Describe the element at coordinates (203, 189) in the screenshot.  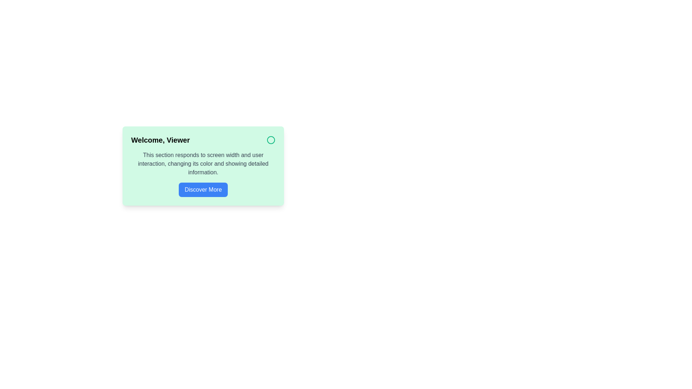
I see `the rectangular blue button with rounded corners labeled 'Discover More'` at that location.